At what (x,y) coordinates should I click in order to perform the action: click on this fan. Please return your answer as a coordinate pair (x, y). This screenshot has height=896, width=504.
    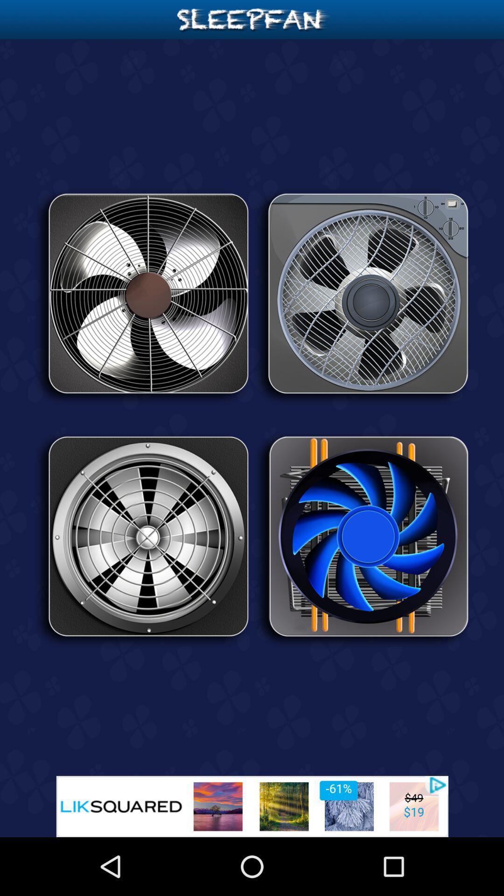
    Looking at the image, I should click on (361, 540).